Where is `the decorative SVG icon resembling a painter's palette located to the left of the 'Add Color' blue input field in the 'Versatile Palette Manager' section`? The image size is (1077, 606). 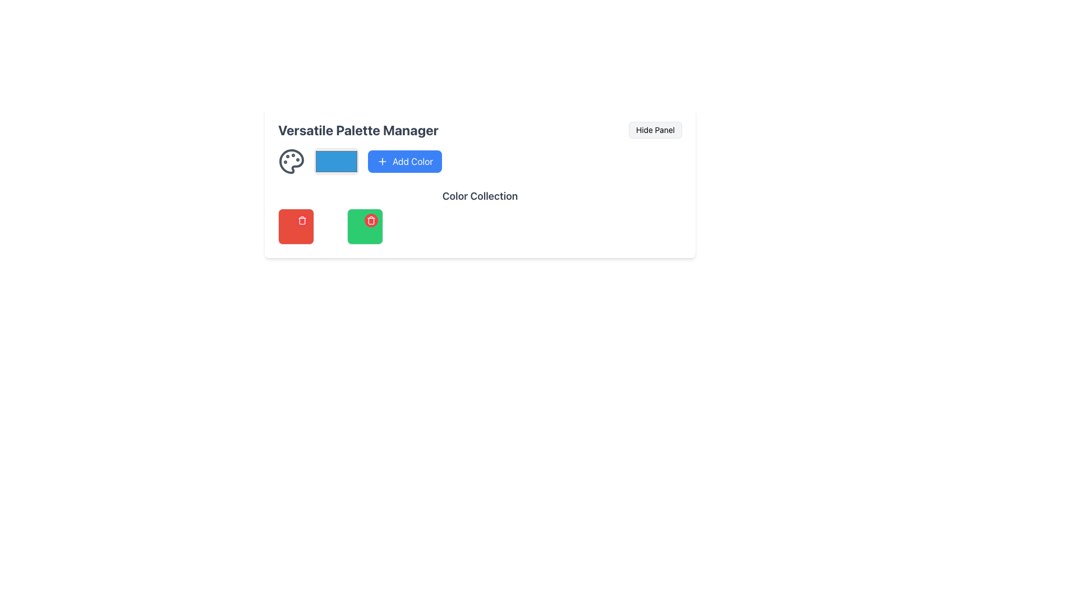
the decorative SVG icon resembling a painter's palette located to the left of the 'Add Color' blue input field in the 'Versatile Palette Manager' section is located at coordinates (291, 162).